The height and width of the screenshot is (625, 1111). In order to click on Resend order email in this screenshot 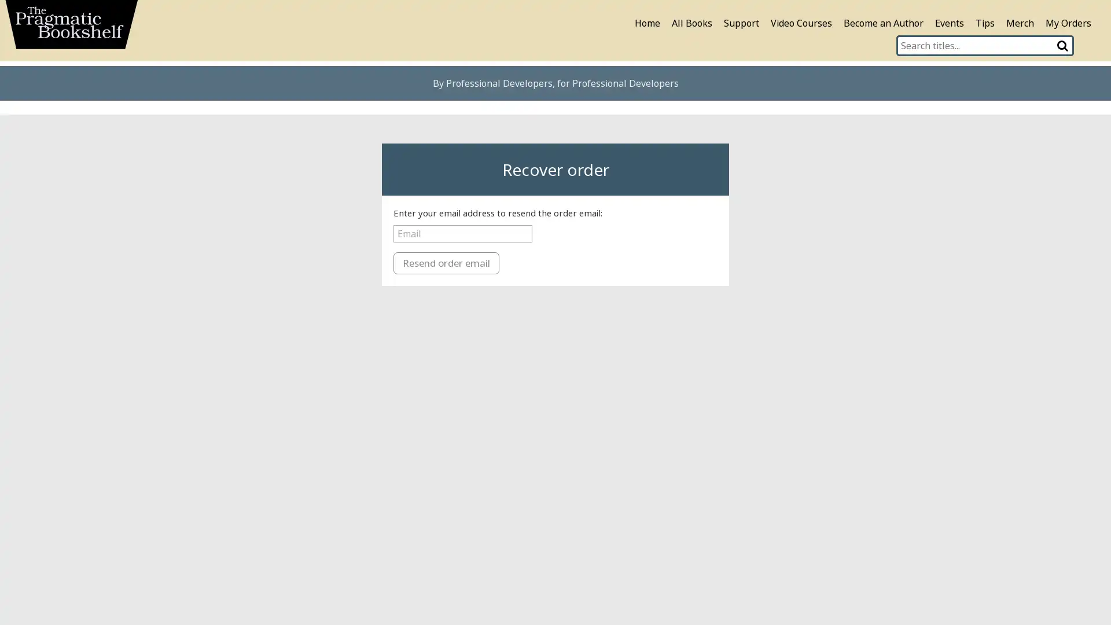, I will do `click(446, 263)`.